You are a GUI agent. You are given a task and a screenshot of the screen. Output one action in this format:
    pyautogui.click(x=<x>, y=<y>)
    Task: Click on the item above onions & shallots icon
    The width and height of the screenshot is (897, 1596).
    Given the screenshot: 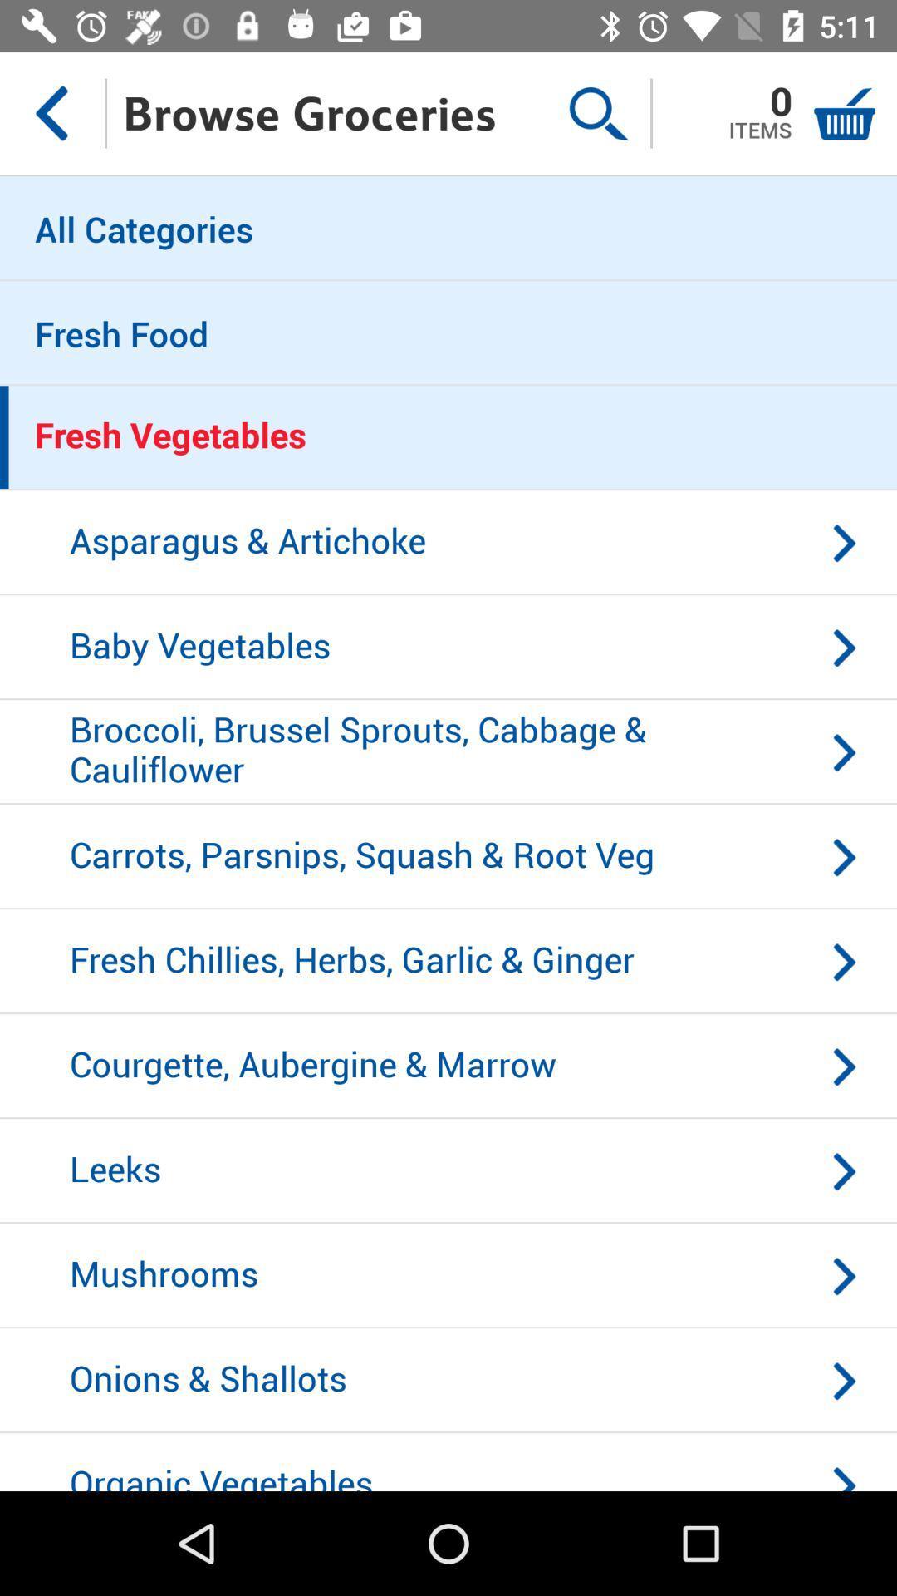 What is the action you would take?
    pyautogui.click(x=448, y=1275)
    